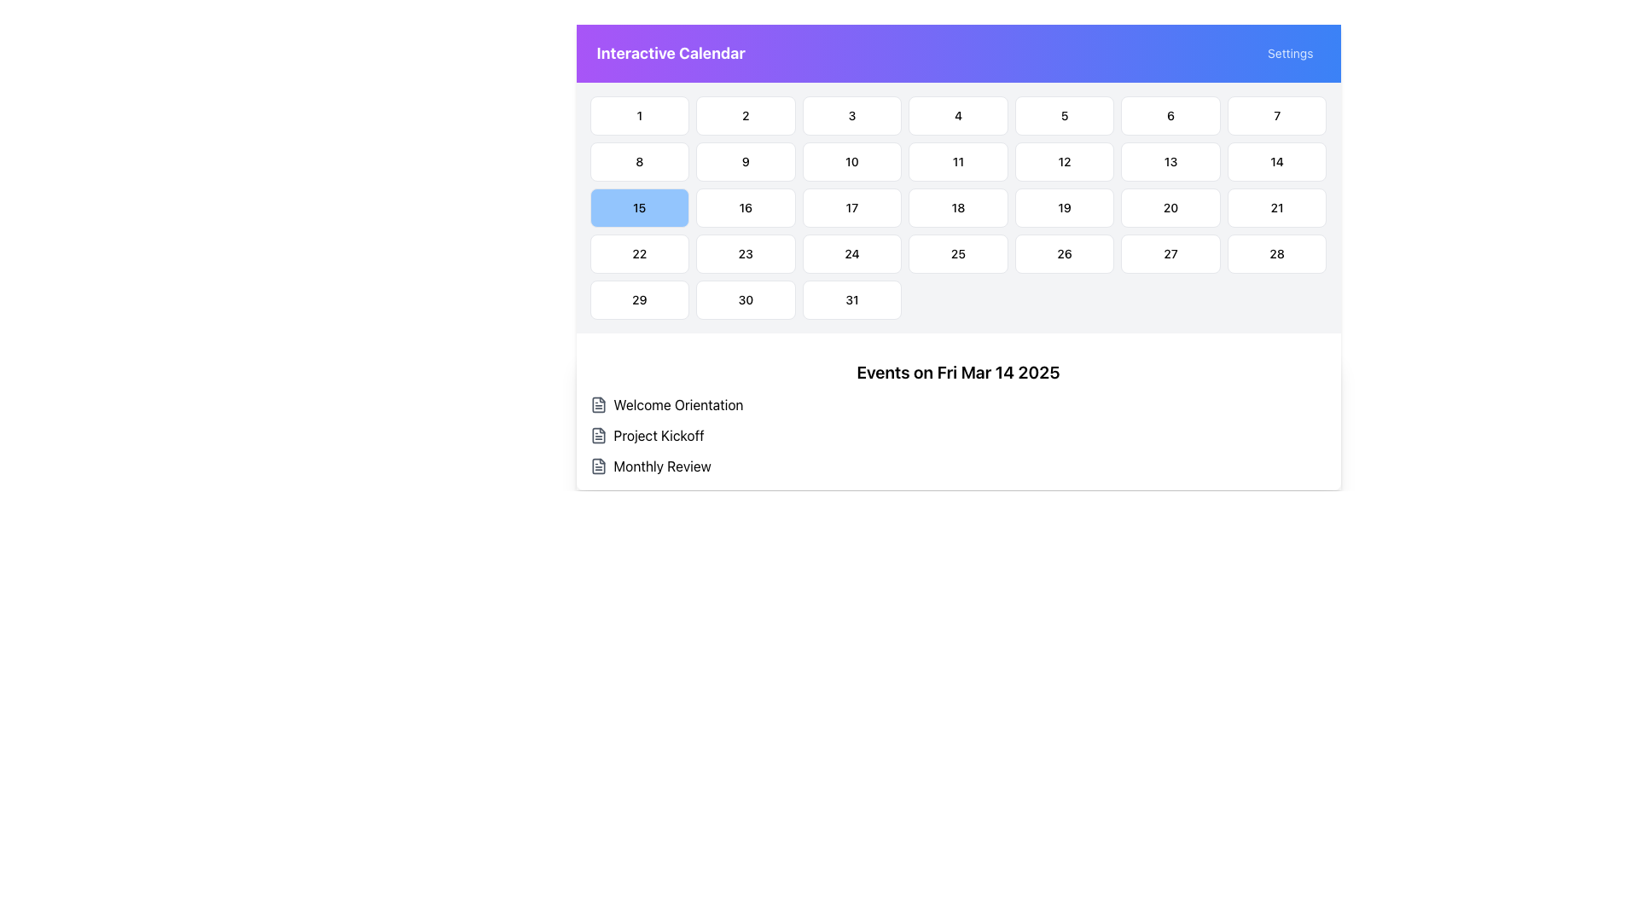 The height and width of the screenshot is (921, 1638). What do you see at coordinates (1064, 206) in the screenshot?
I see `the text label representing the date 19th in the calendar grid layout, located in the third row and sixth column` at bounding box center [1064, 206].